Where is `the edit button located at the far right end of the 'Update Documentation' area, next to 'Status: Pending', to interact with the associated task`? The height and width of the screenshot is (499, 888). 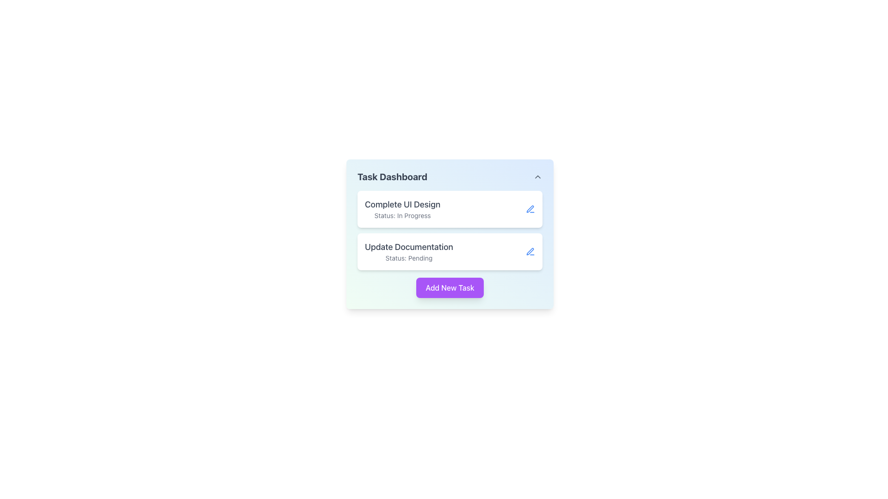
the edit button located at the far right end of the 'Update Documentation' area, next to 'Status: Pending', to interact with the associated task is located at coordinates (530, 251).